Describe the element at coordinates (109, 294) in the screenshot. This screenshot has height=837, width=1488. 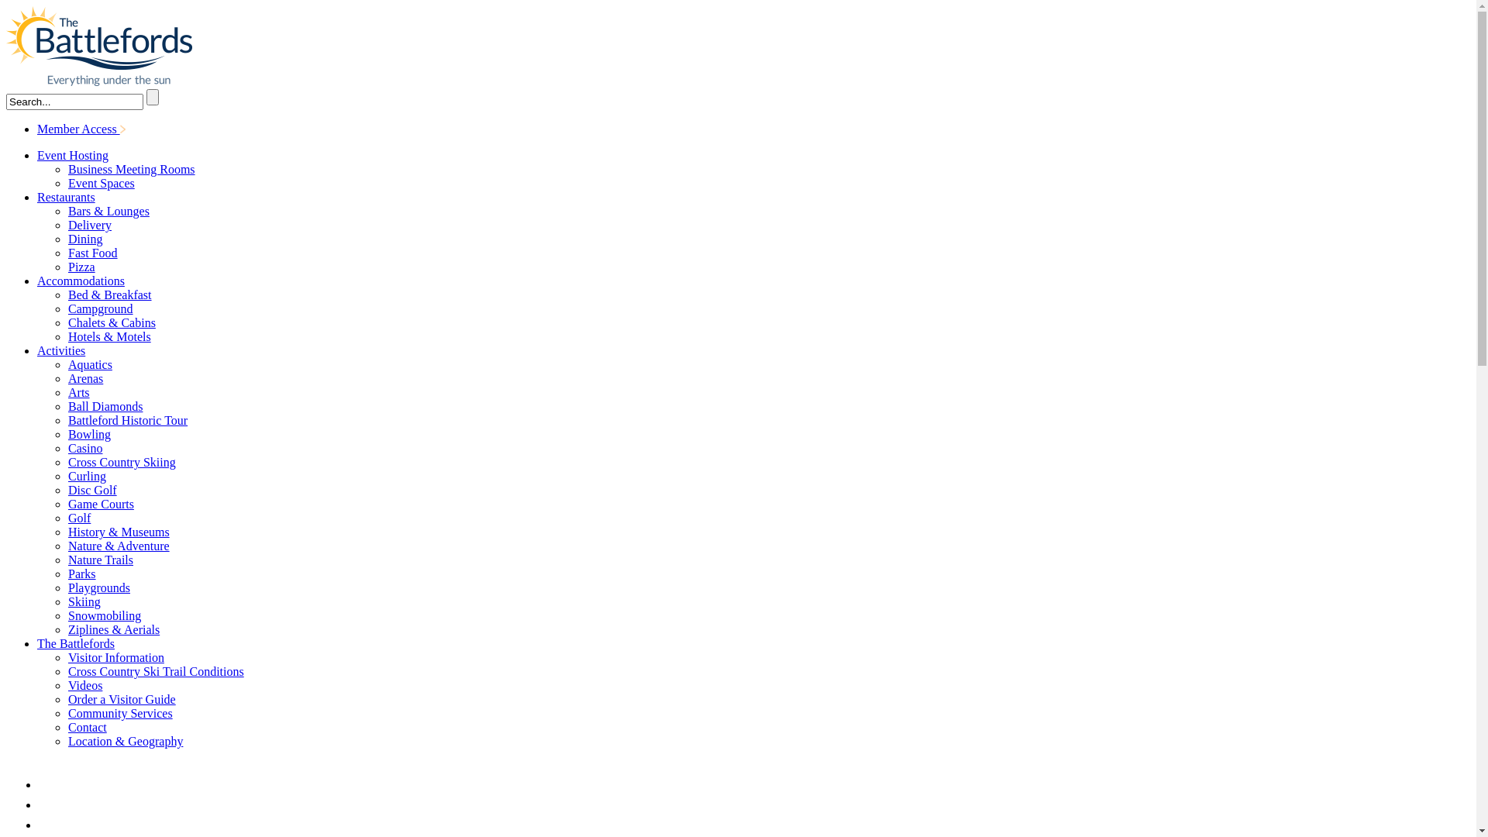
I see `'Bed & Breakfast'` at that location.